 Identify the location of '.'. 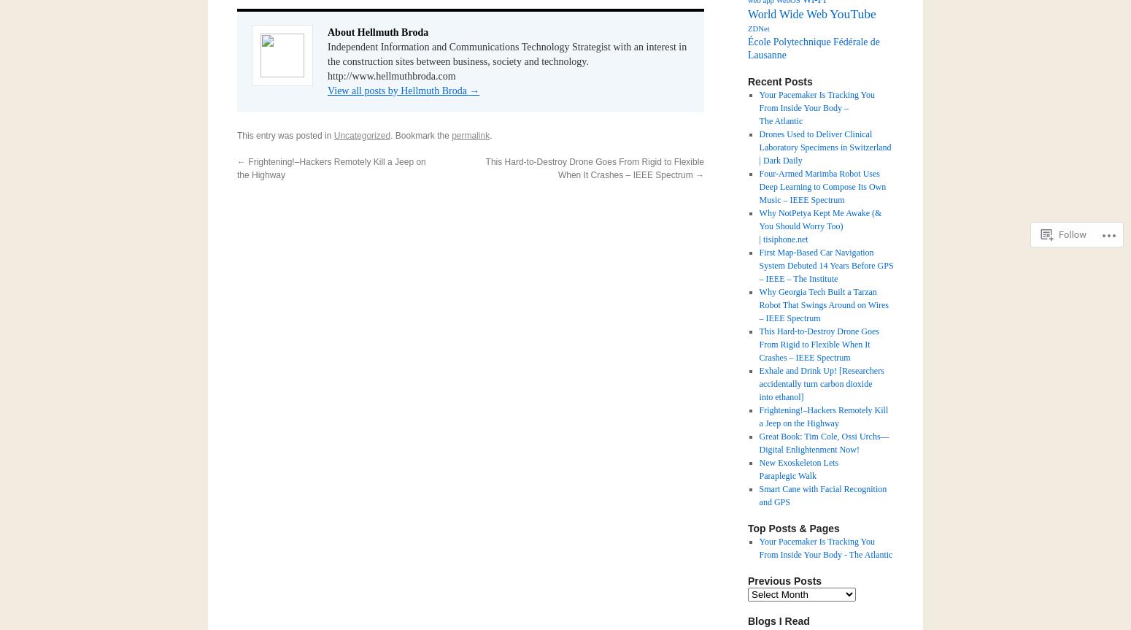
(490, 135).